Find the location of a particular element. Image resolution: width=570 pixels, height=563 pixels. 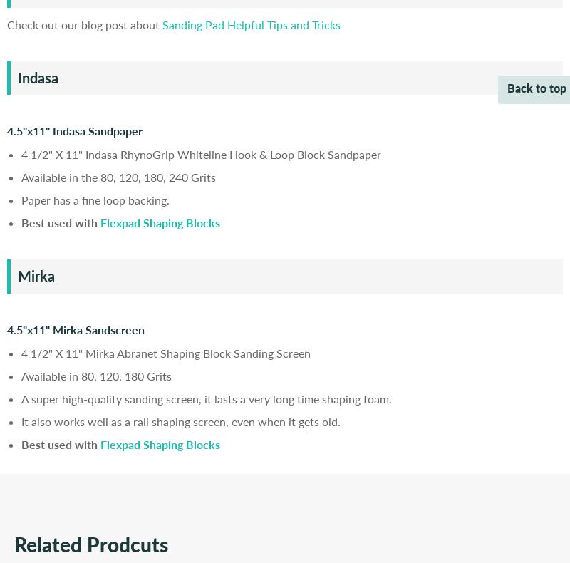

'4 1/2" X 11" Indasa RhynoGrip Whiteline Hook & Loop Block Sandpaper' is located at coordinates (201, 154).